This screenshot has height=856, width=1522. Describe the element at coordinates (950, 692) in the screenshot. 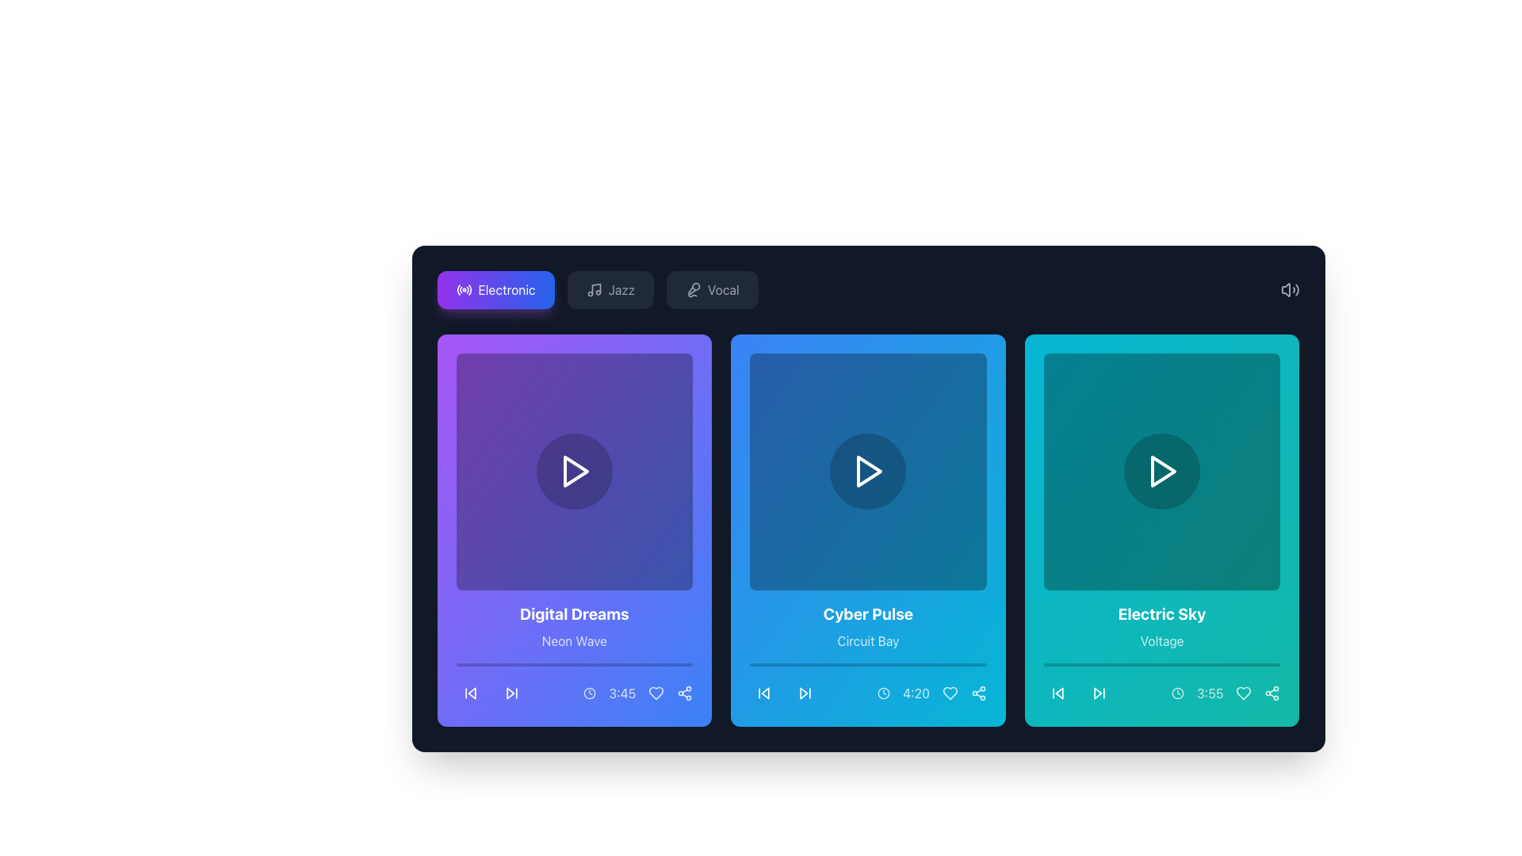

I see `the heart icon to like or mark the associated song 'Cyber Pulse' as a favorite` at that location.